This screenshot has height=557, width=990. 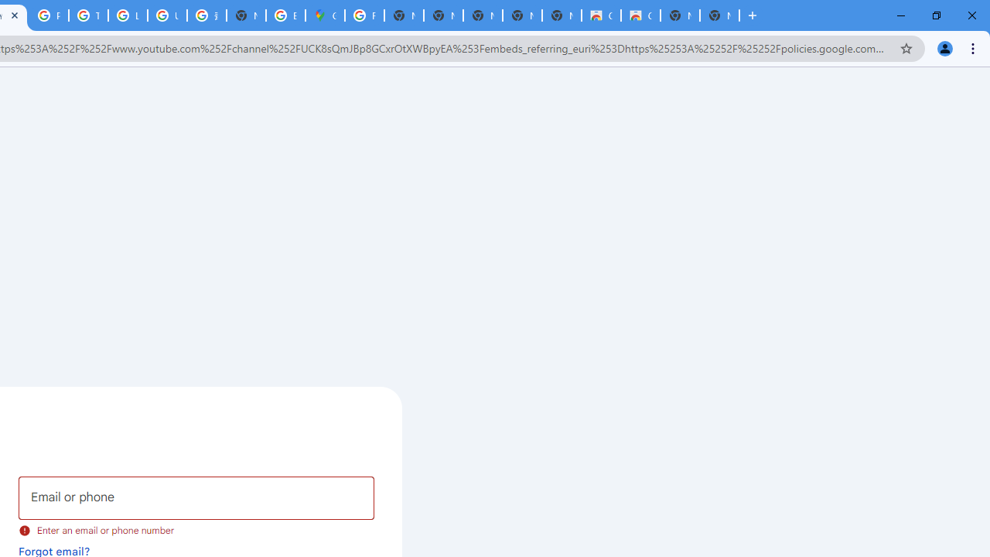 I want to click on 'Classic Blue - Chrome Web Store', so click(x=640, y=15).